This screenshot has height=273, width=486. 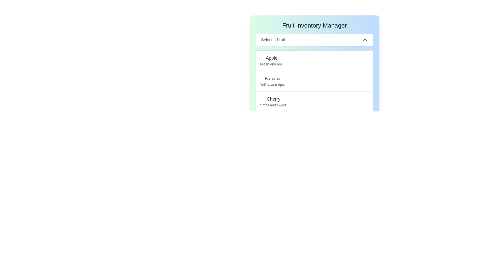 I want to click on on the 'Apple' text display, which is the first item in the dropdown menu under the header 'Select a Fruit', so click(x=271, y=60).